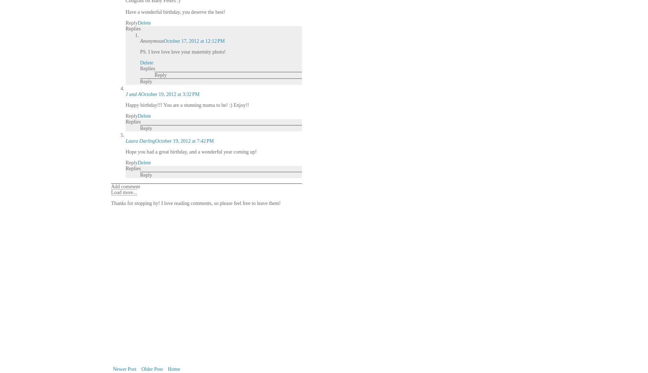 This screenshot has width=648, height=373. I want to click on 'Newer Post', so click(125, 369).